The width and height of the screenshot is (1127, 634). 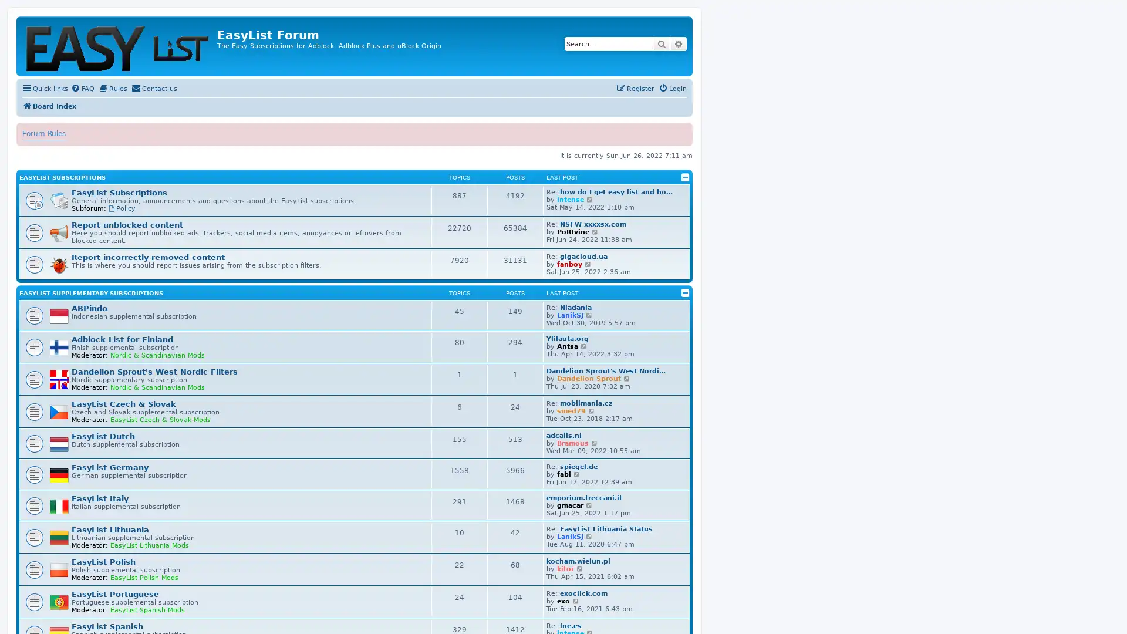 I want to click on Search, so click(x=662, y=43).